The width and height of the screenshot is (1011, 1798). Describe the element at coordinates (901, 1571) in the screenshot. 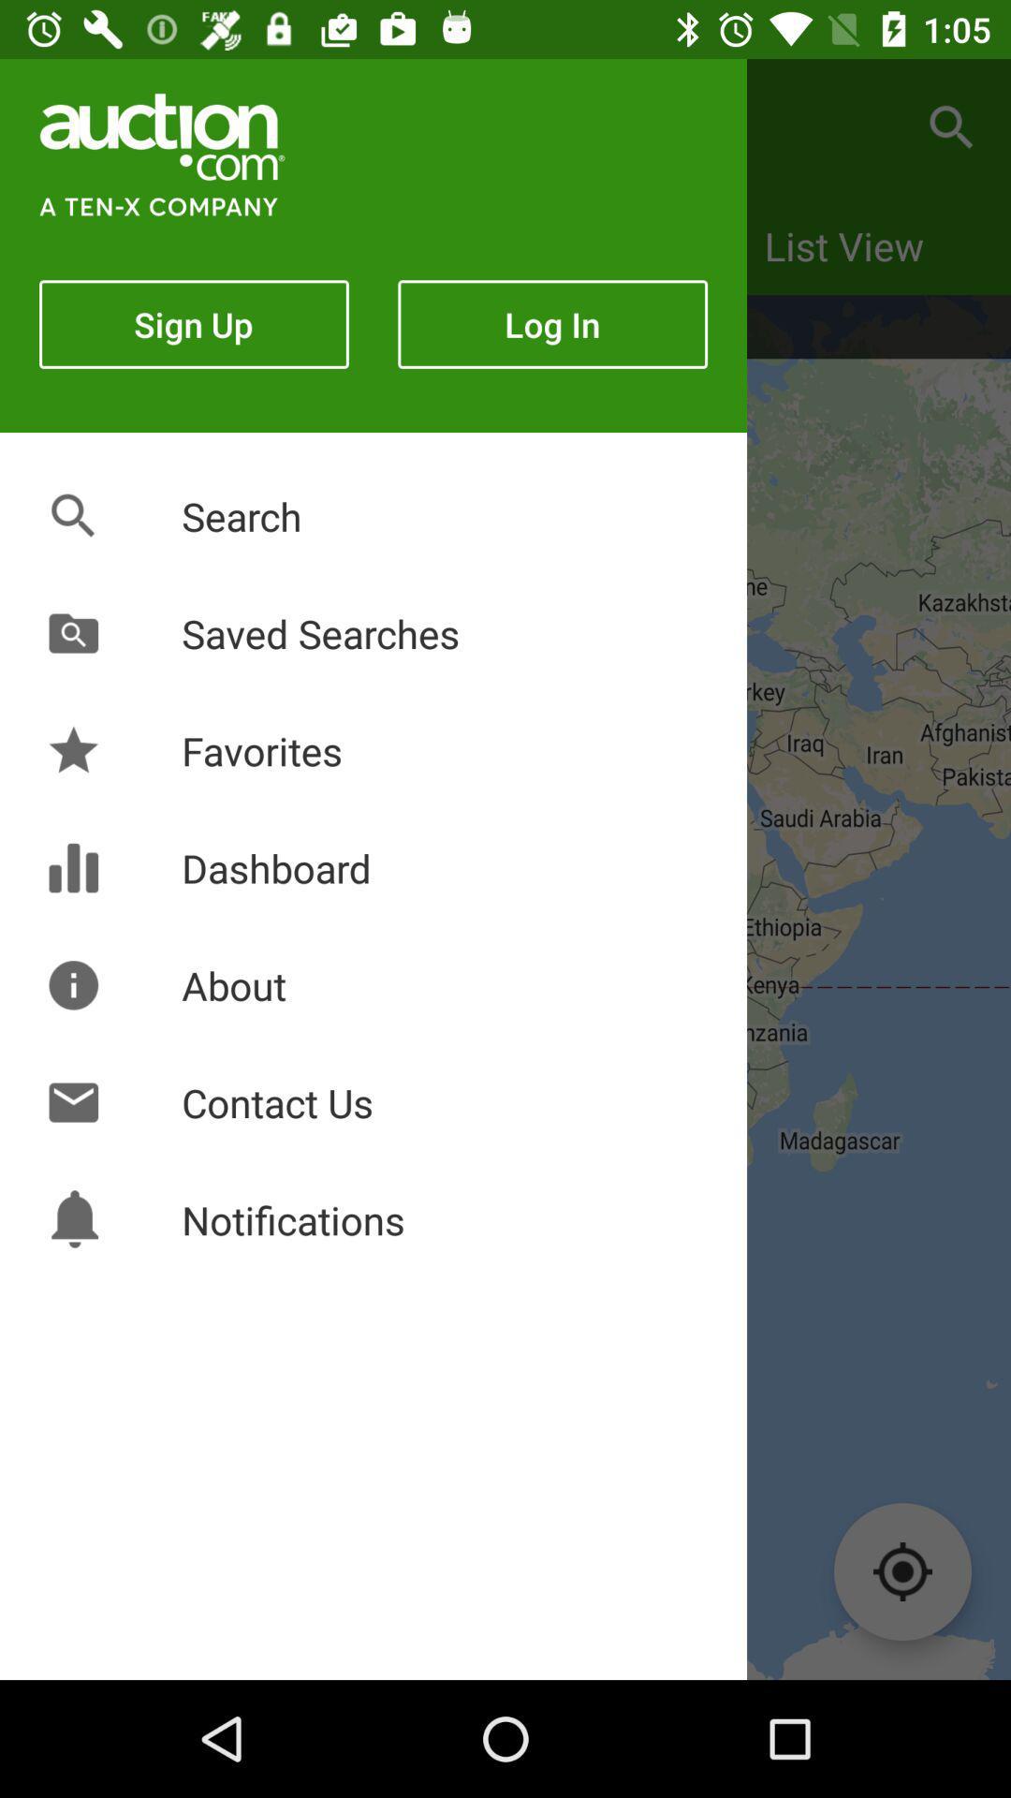

I see `the location_crosshair icon` at that location.